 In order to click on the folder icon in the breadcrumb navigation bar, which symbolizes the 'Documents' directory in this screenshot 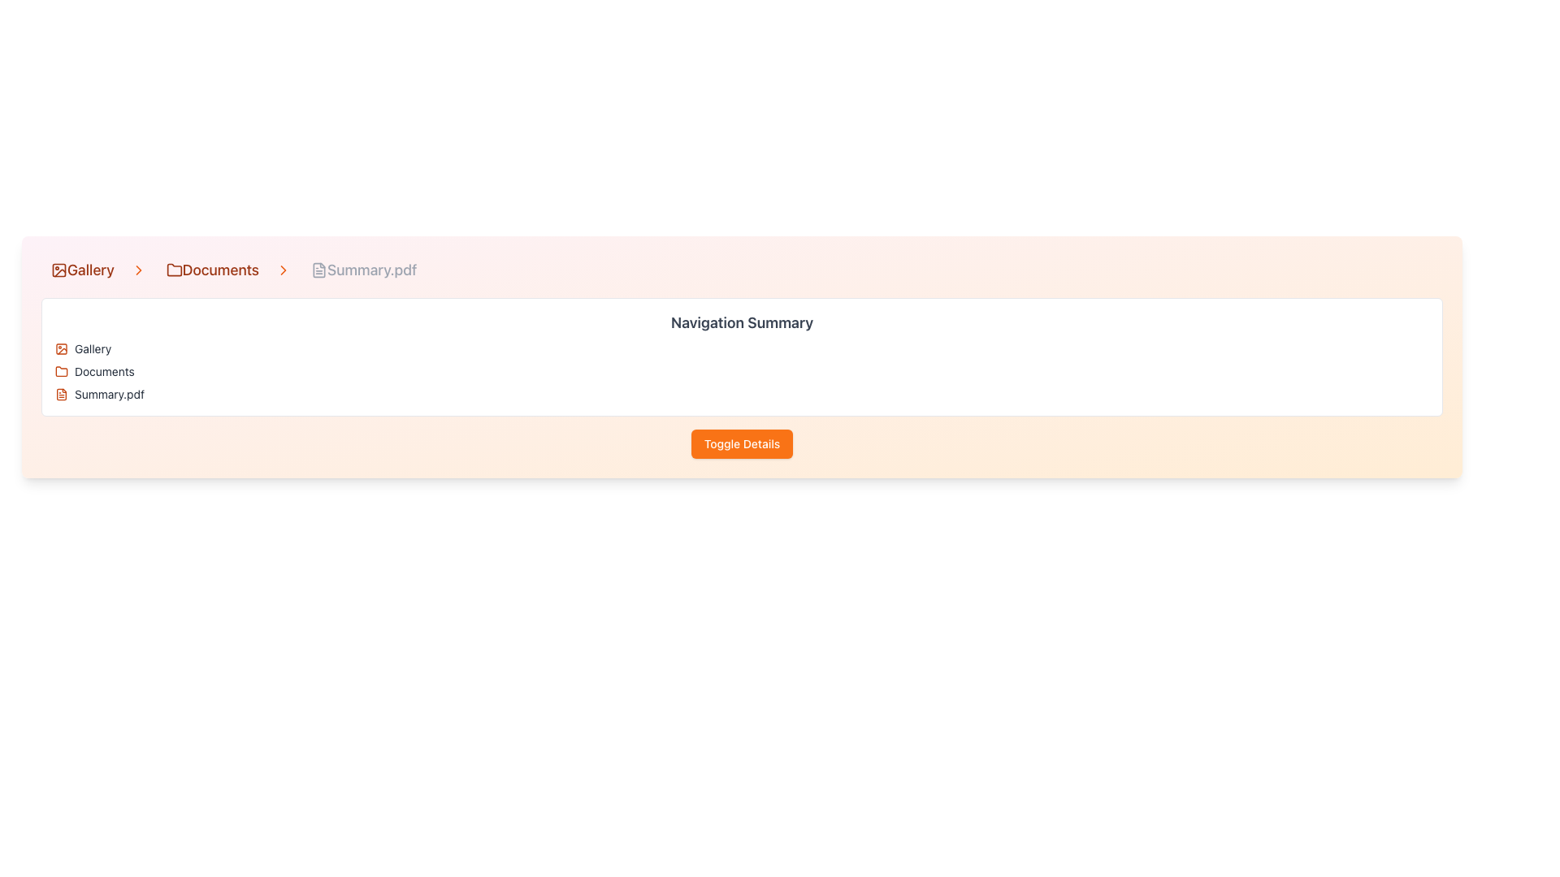, I will do `click(62, 370)`.